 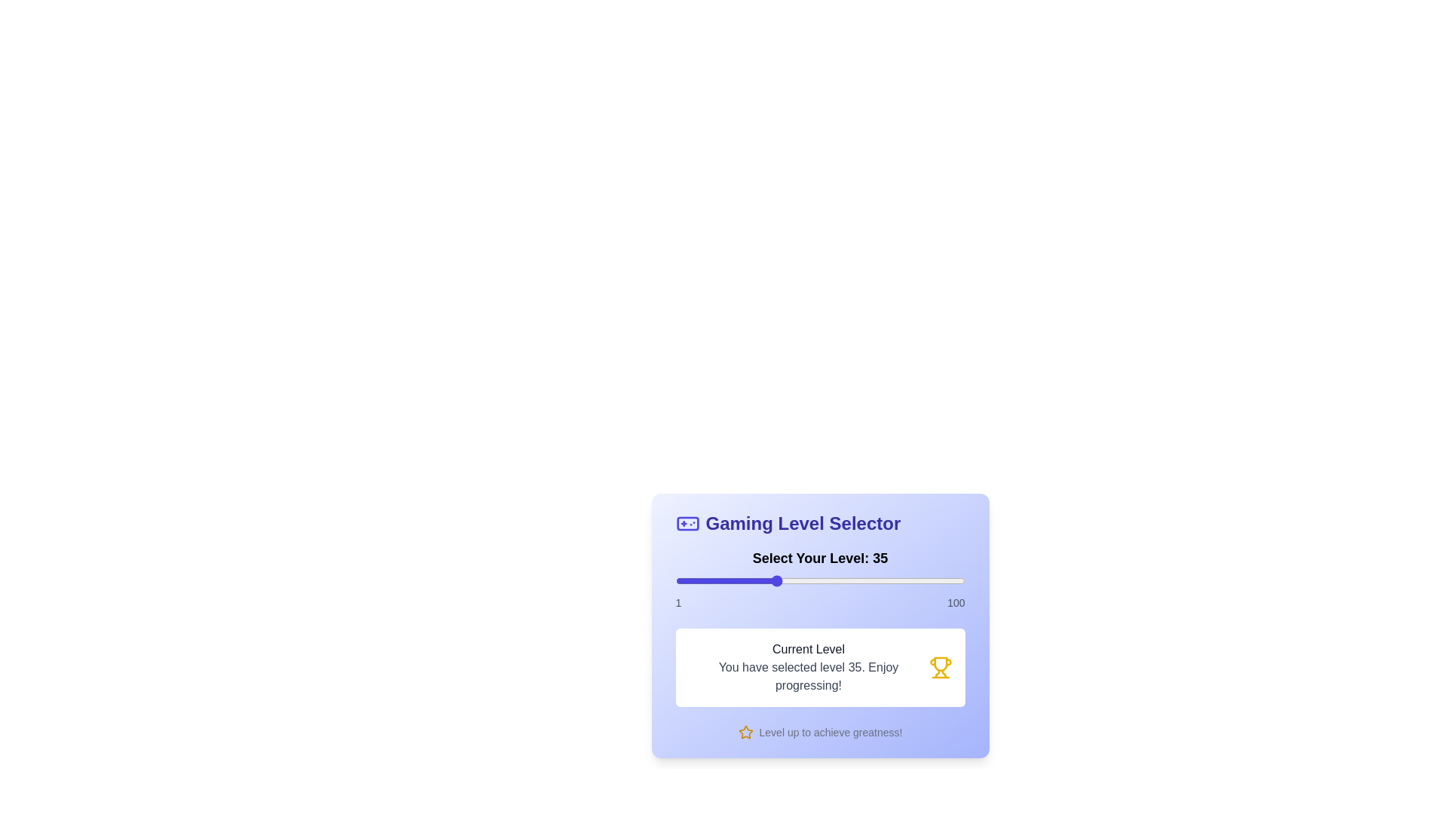 I want to click on the Text Display Area that contains the heading 'Current Level' and the descriptive line 'You have selected level 35. Enjoy progressing!', so click(x=807, y=667).